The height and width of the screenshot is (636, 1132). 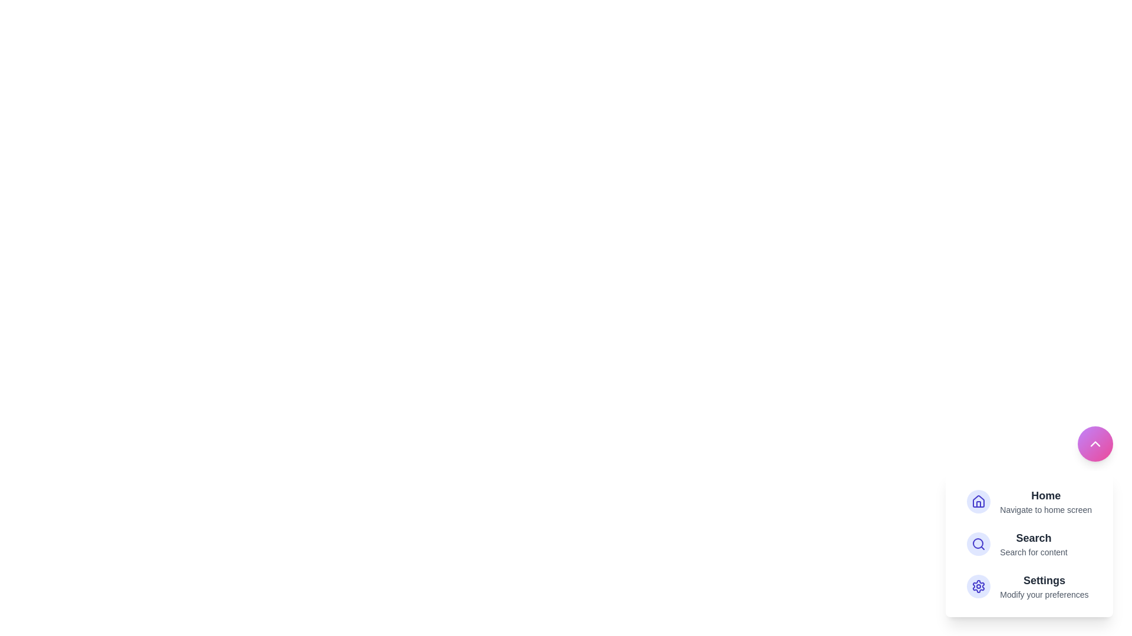 I want to click on the 'Home' button in the DashboardSpeedDial component to activate the 'Home' action, so click(x=979, y=502).